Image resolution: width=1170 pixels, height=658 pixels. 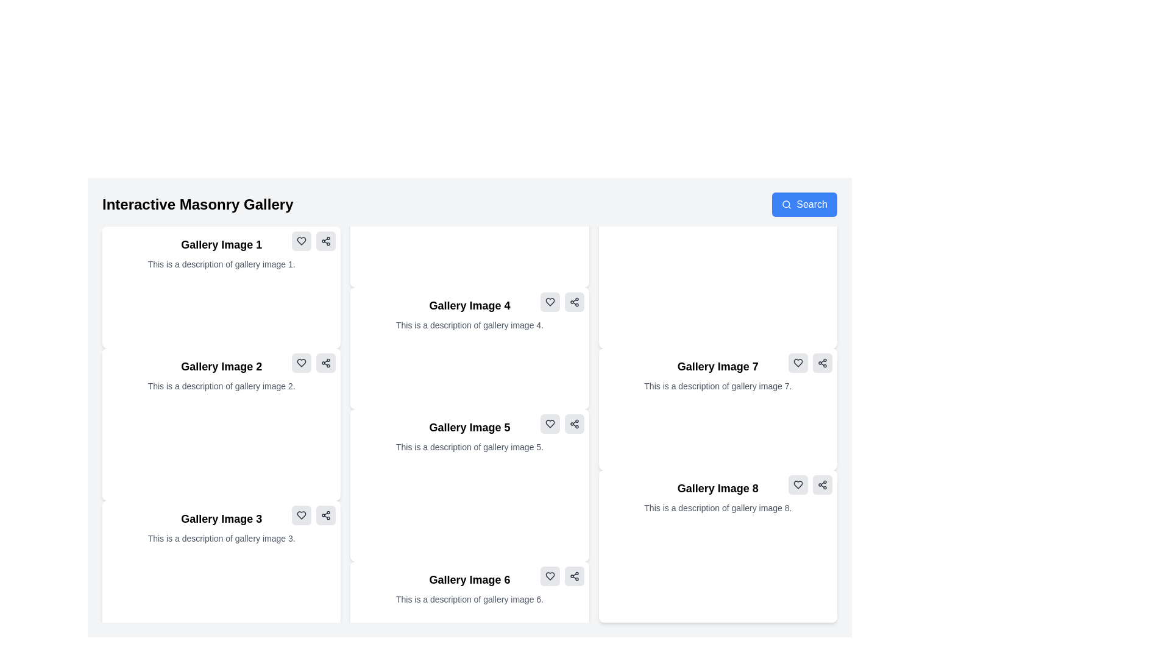 I want to click on the 'favorite' icon button located in the bottom-right corner of the card labeled 'Gallery Image 6', so click(x=549, y=576).